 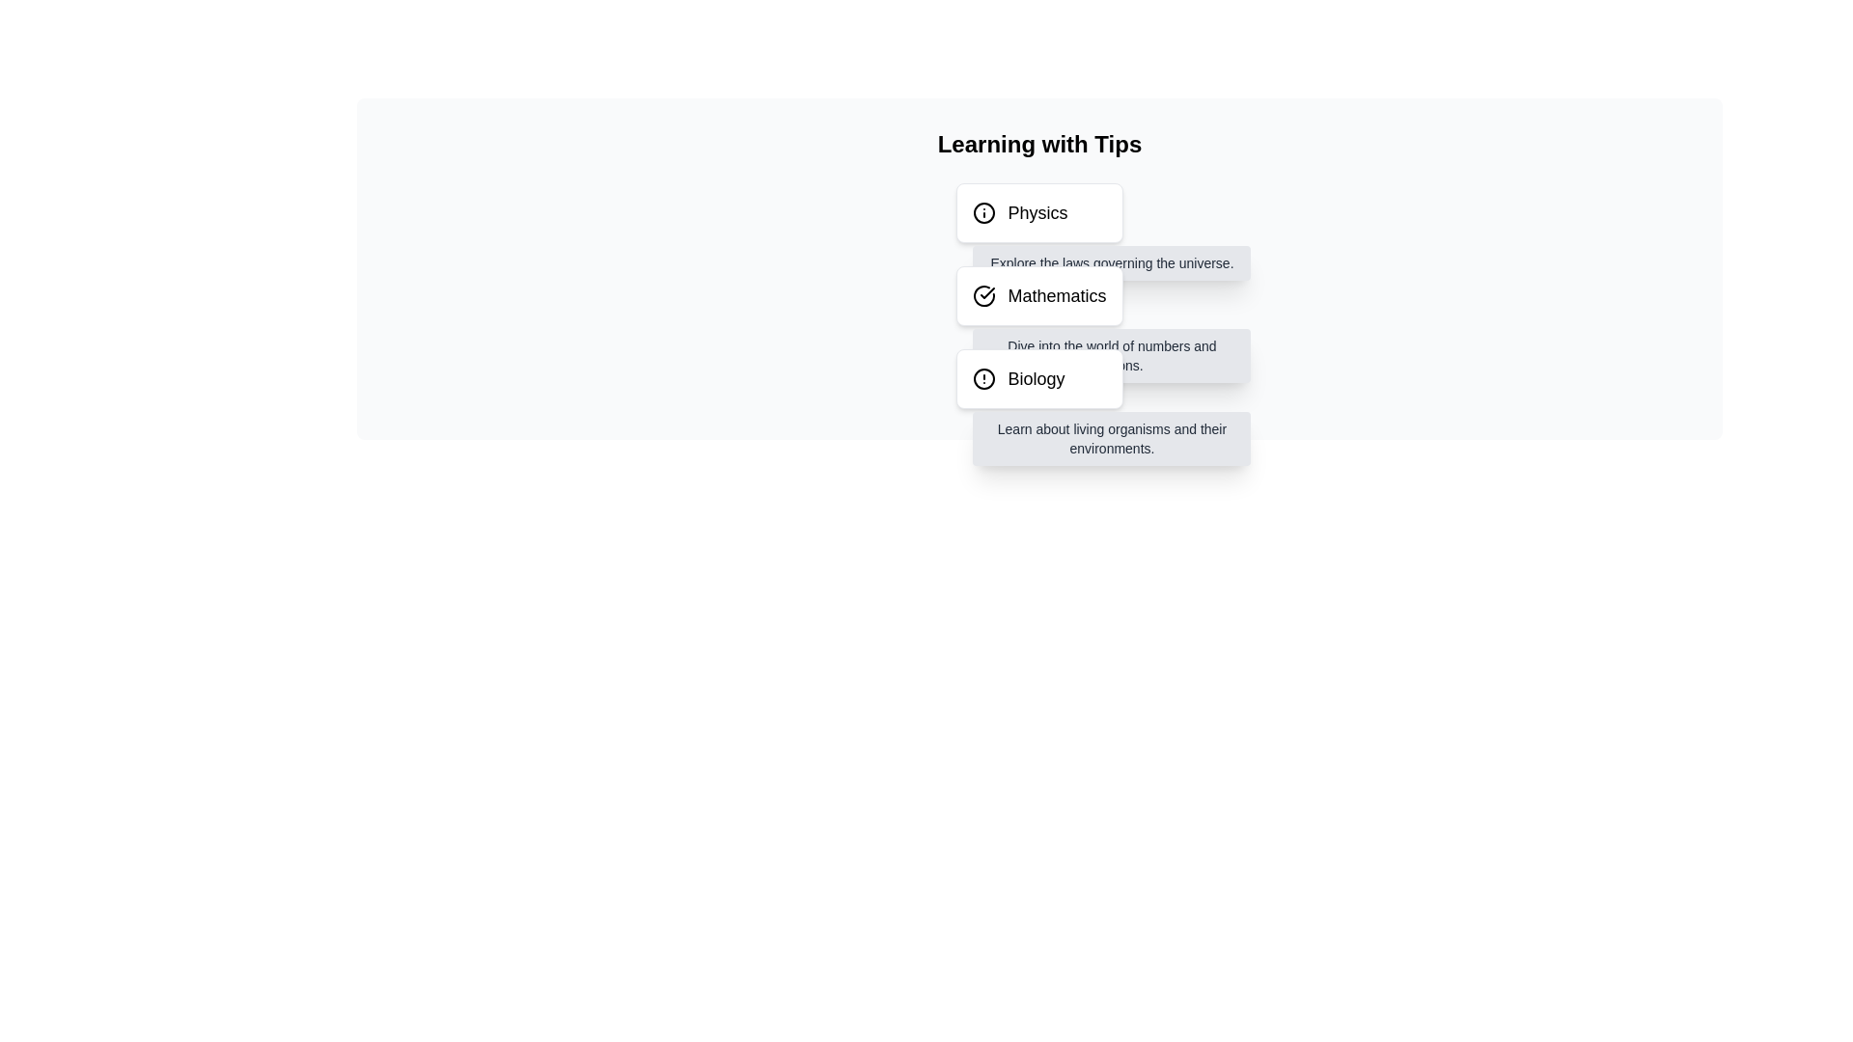 What do you see at coordinates (1056, 296) in the screenshot?
I see `the text label displaying 'Mathematics', which is styled in bold and medium font and is the second item in a vertical list adjacent to a checkmark icon` at bounding box center [1056, 296].